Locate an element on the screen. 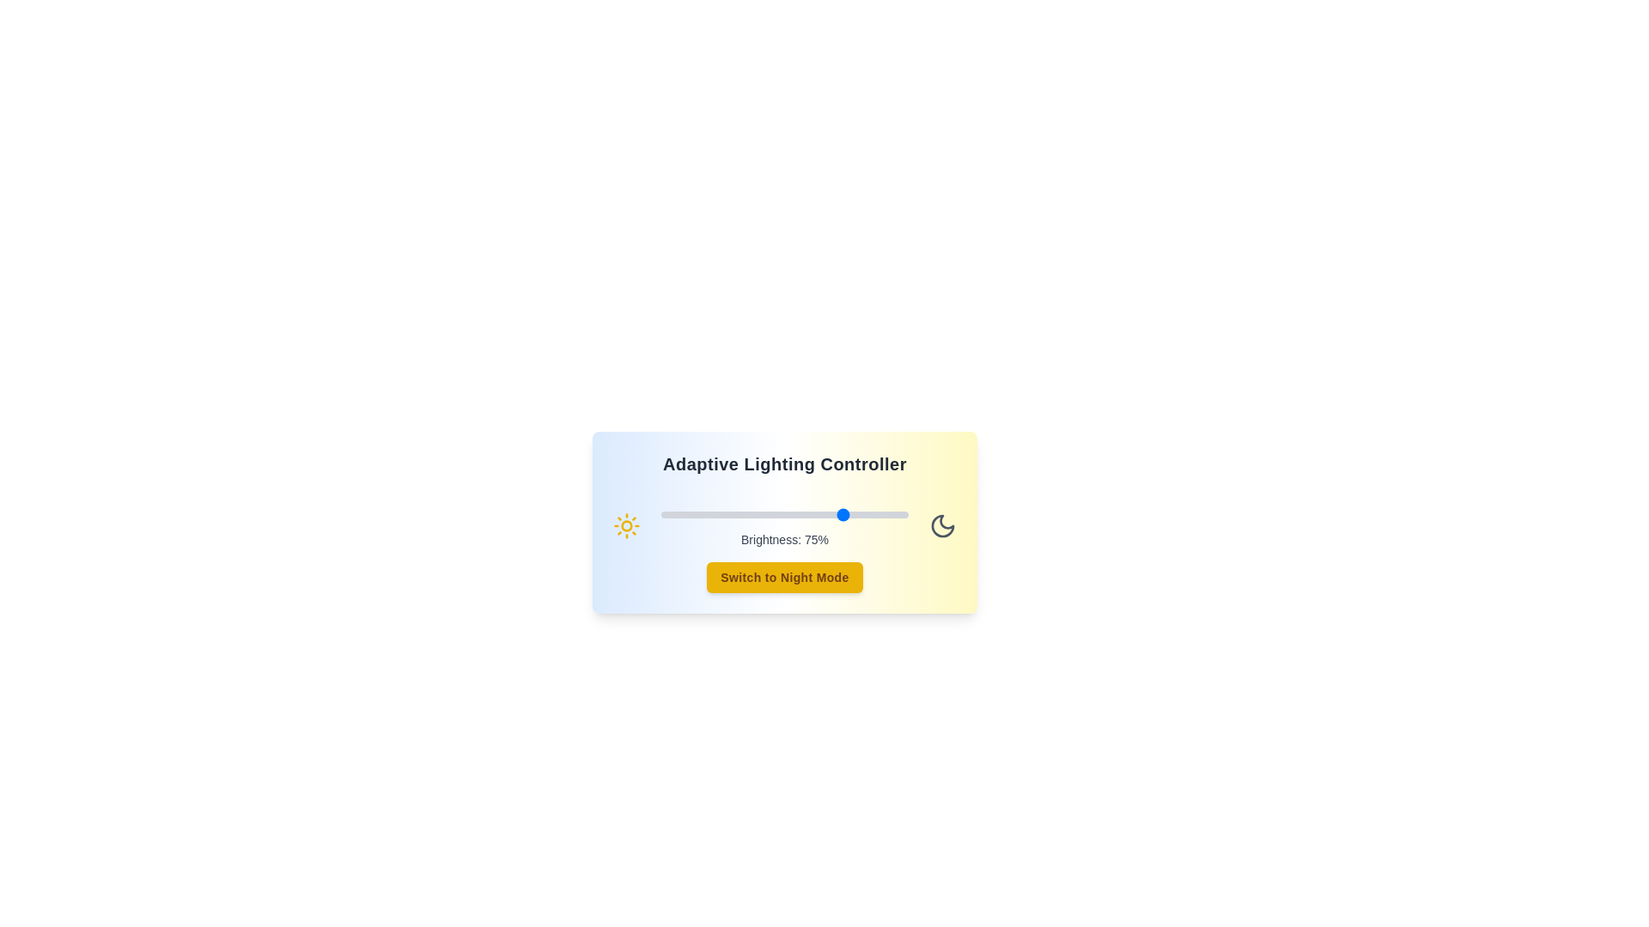 The width and height of the screenshot is (1649, 927). the rectangular button labeled 'Switch to Night Mode' with a vibrant yellow background located at the bottom of the 'Adaptive Lighting Controller' card to switch modes is located at coordinates (783, 577).